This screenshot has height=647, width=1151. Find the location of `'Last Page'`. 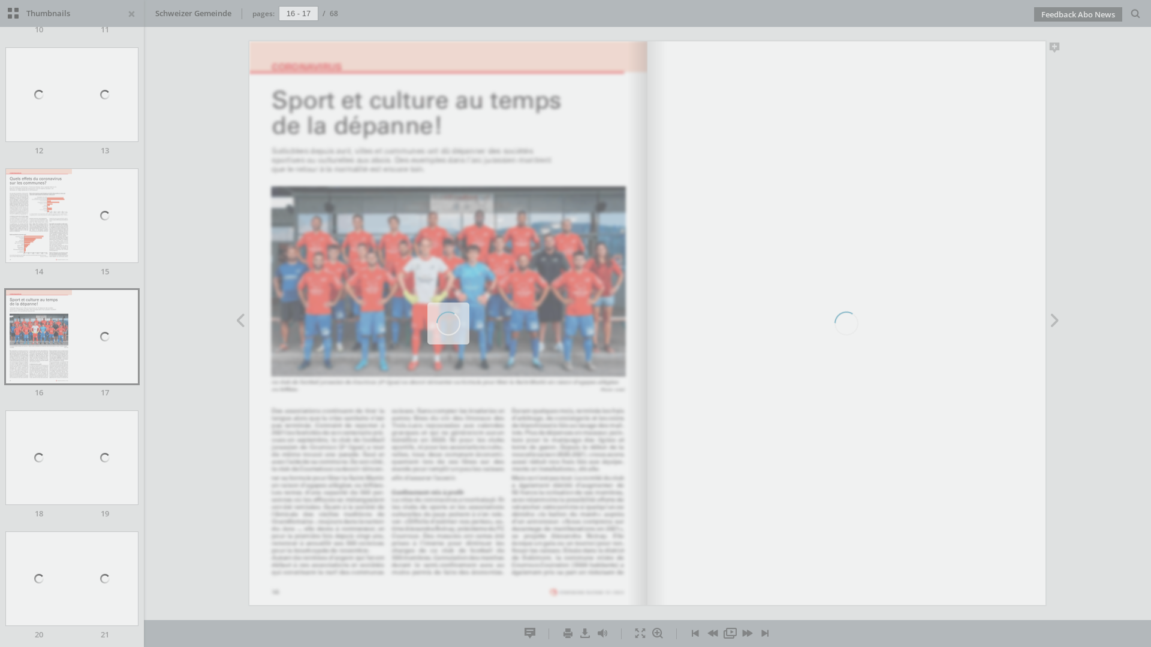

'Last Page' is located at coordinates (764, 633).